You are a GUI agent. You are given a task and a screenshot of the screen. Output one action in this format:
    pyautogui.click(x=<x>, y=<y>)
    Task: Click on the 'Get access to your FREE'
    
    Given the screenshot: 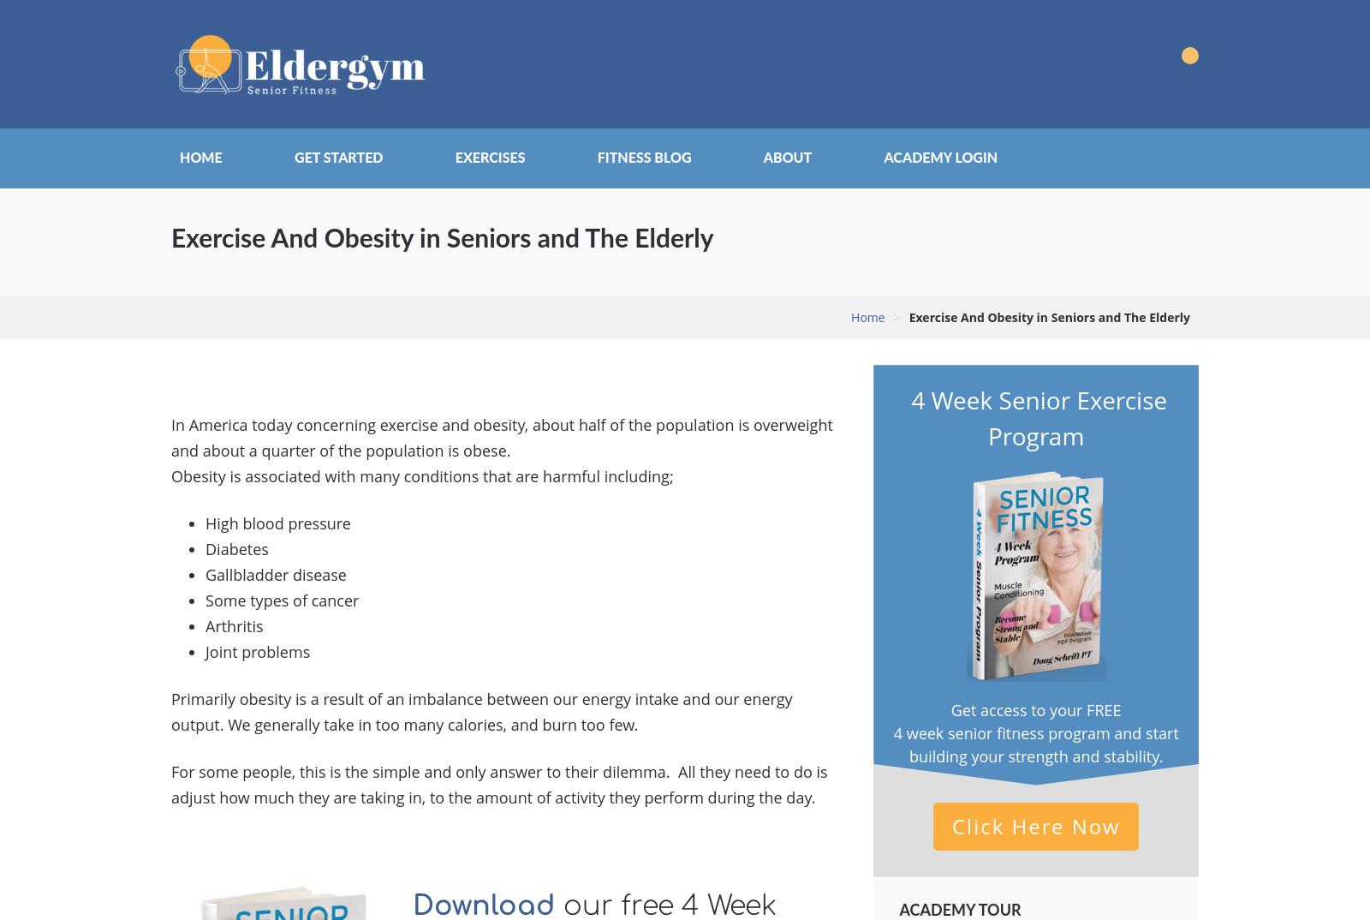 What is the action you would take?
    pyautogui.click(x=1034, y=708)
    